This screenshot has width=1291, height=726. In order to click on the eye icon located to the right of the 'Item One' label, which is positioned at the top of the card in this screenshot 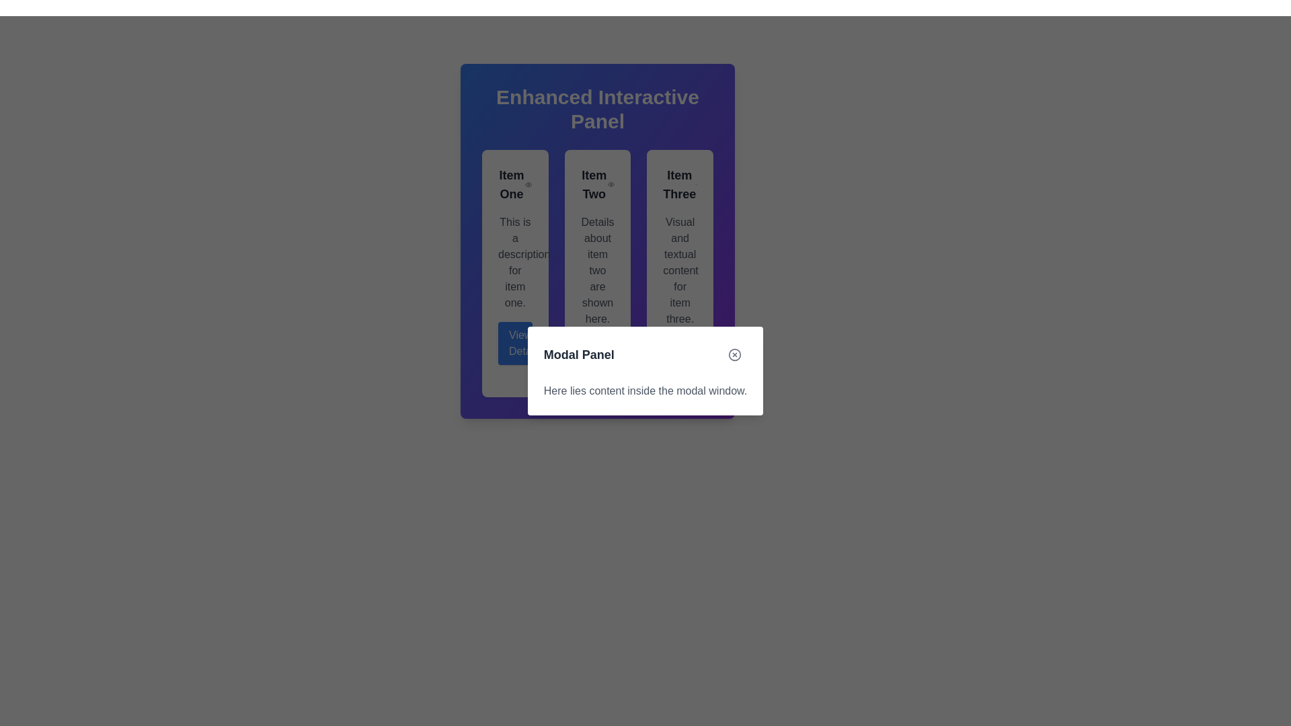, I will do `click(514, 184)`.